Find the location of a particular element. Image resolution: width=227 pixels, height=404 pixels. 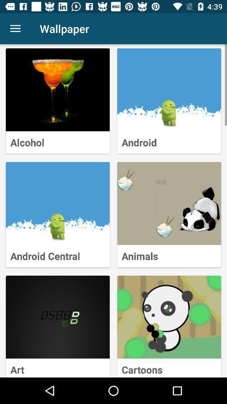

open category is located at coordinates (57, 203).